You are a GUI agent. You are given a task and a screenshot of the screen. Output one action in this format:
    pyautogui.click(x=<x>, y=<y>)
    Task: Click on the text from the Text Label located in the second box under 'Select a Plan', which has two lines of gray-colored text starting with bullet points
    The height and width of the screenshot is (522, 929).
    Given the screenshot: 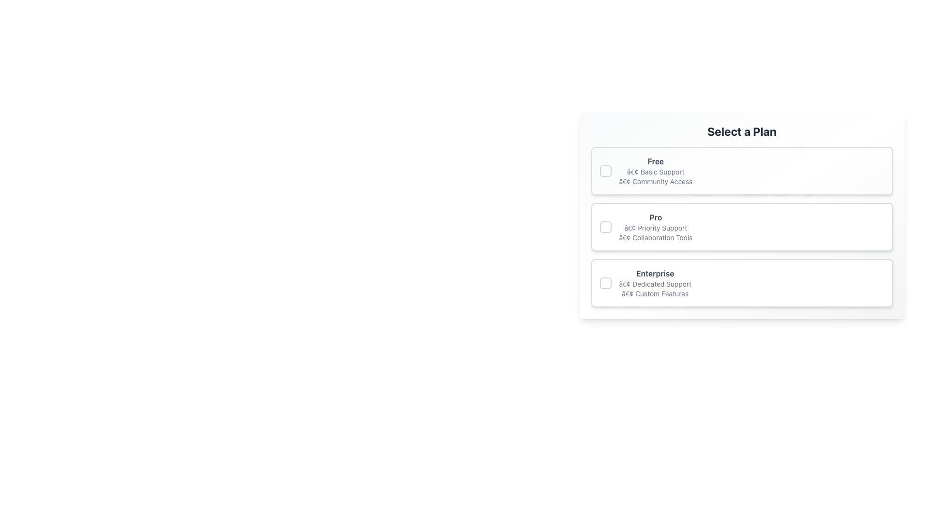 What is the action you would take?
    pyautogui.click(x=656, y=233)
    